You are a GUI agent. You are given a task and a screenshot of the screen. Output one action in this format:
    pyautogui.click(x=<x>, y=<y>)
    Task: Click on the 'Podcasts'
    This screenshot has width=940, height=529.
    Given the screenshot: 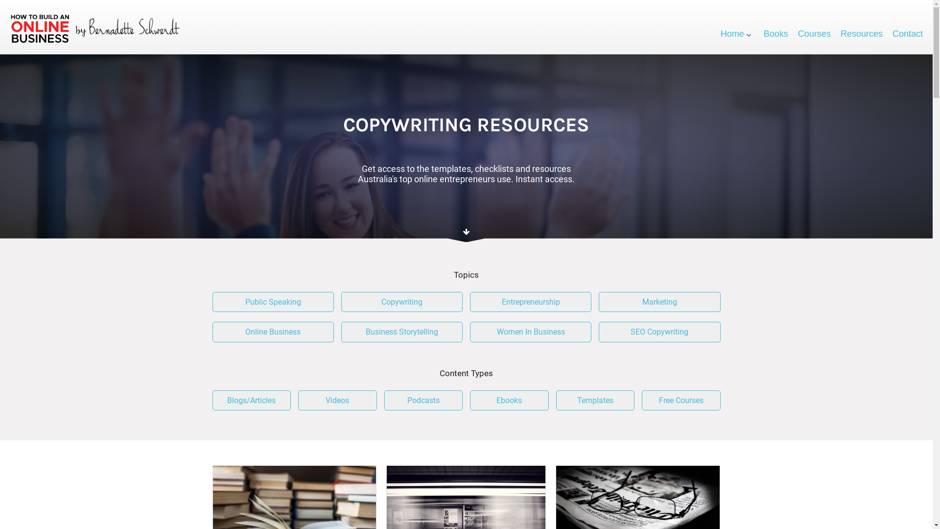 What is the action you would take?
    pyautogui.click(x=423, y=400)
    